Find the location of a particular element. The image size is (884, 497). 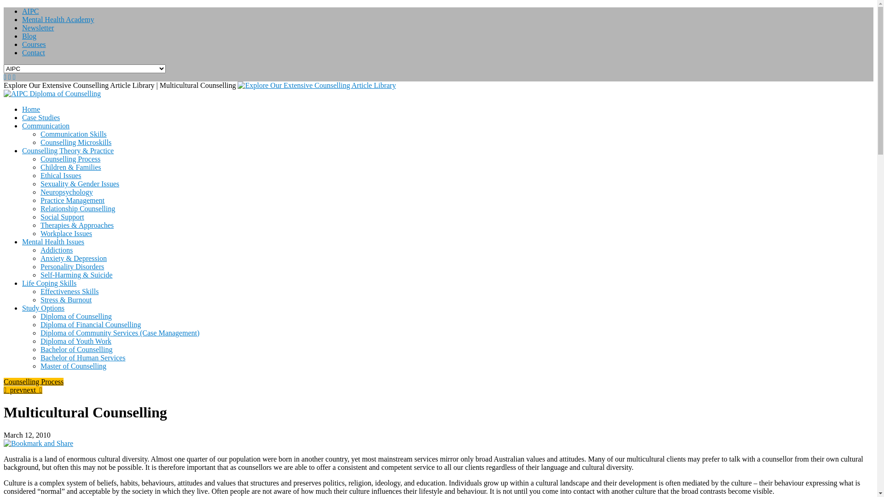

'Study Options' is located at coordinates (43, 308).